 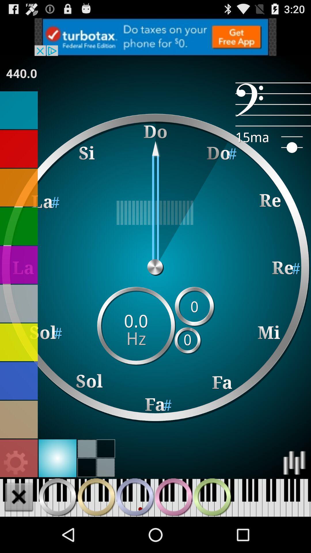 I want to click on item below the c a r app, so click(x=273, y=104).